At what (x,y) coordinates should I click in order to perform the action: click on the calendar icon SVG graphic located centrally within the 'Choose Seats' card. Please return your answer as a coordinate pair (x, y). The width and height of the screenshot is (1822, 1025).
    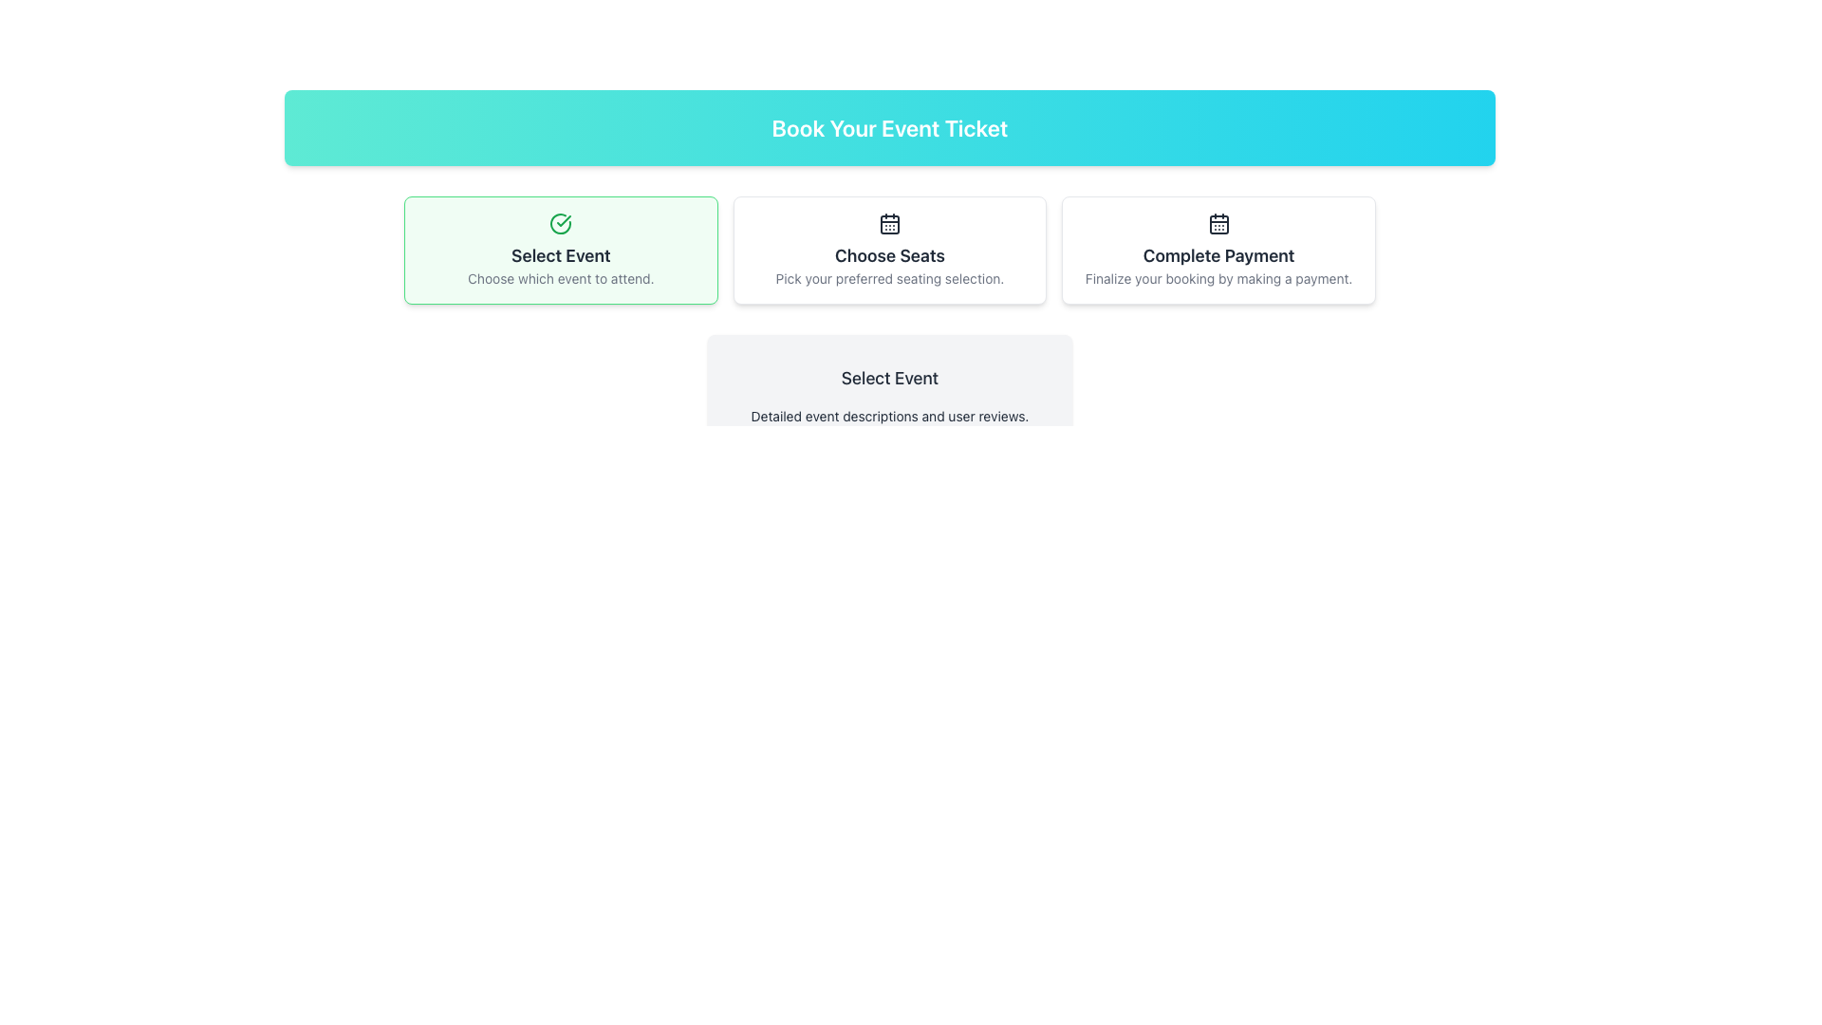
    Looking at the image, I should click on (888, 222).